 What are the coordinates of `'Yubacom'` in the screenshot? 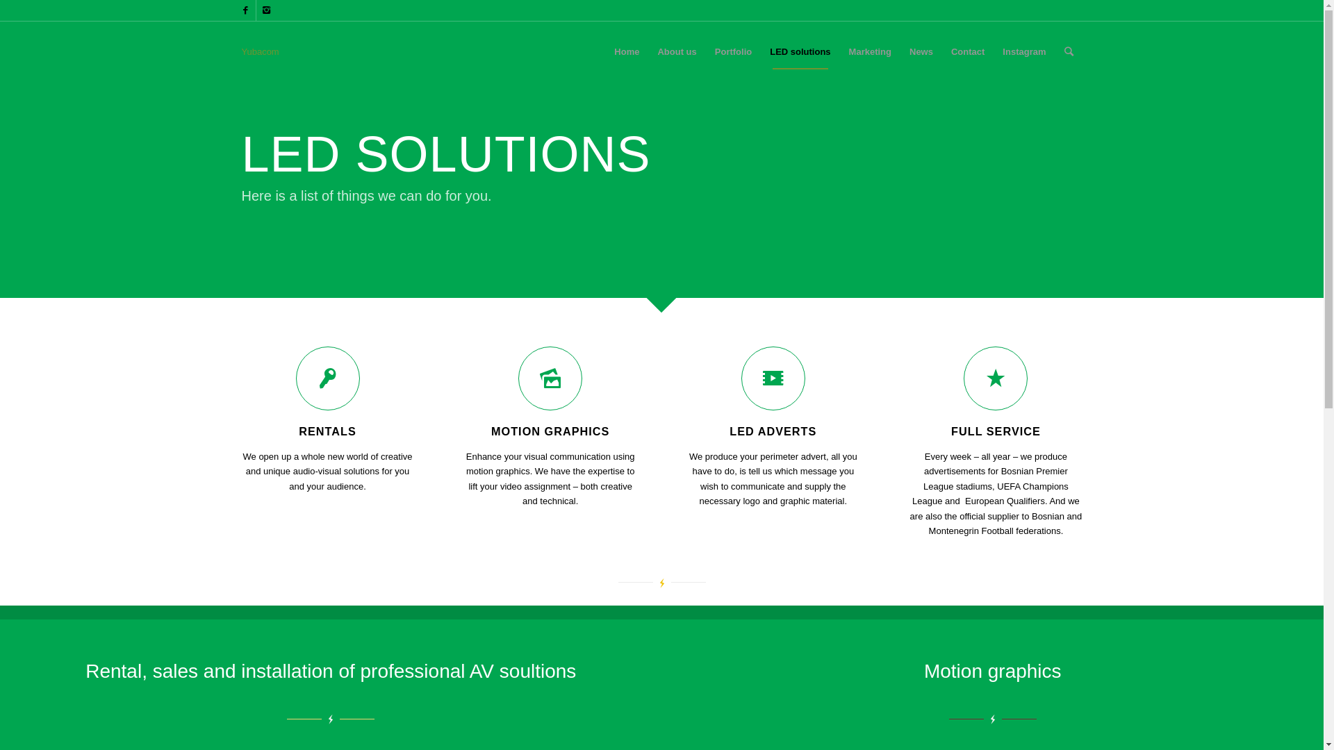 It's located at (260, 51).